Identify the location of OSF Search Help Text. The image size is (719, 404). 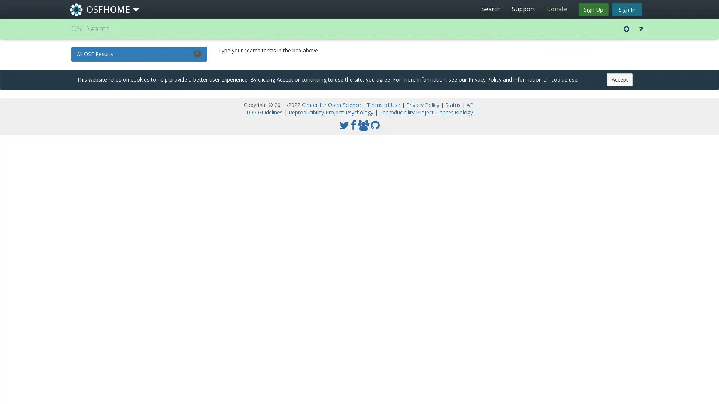
(640, 28).